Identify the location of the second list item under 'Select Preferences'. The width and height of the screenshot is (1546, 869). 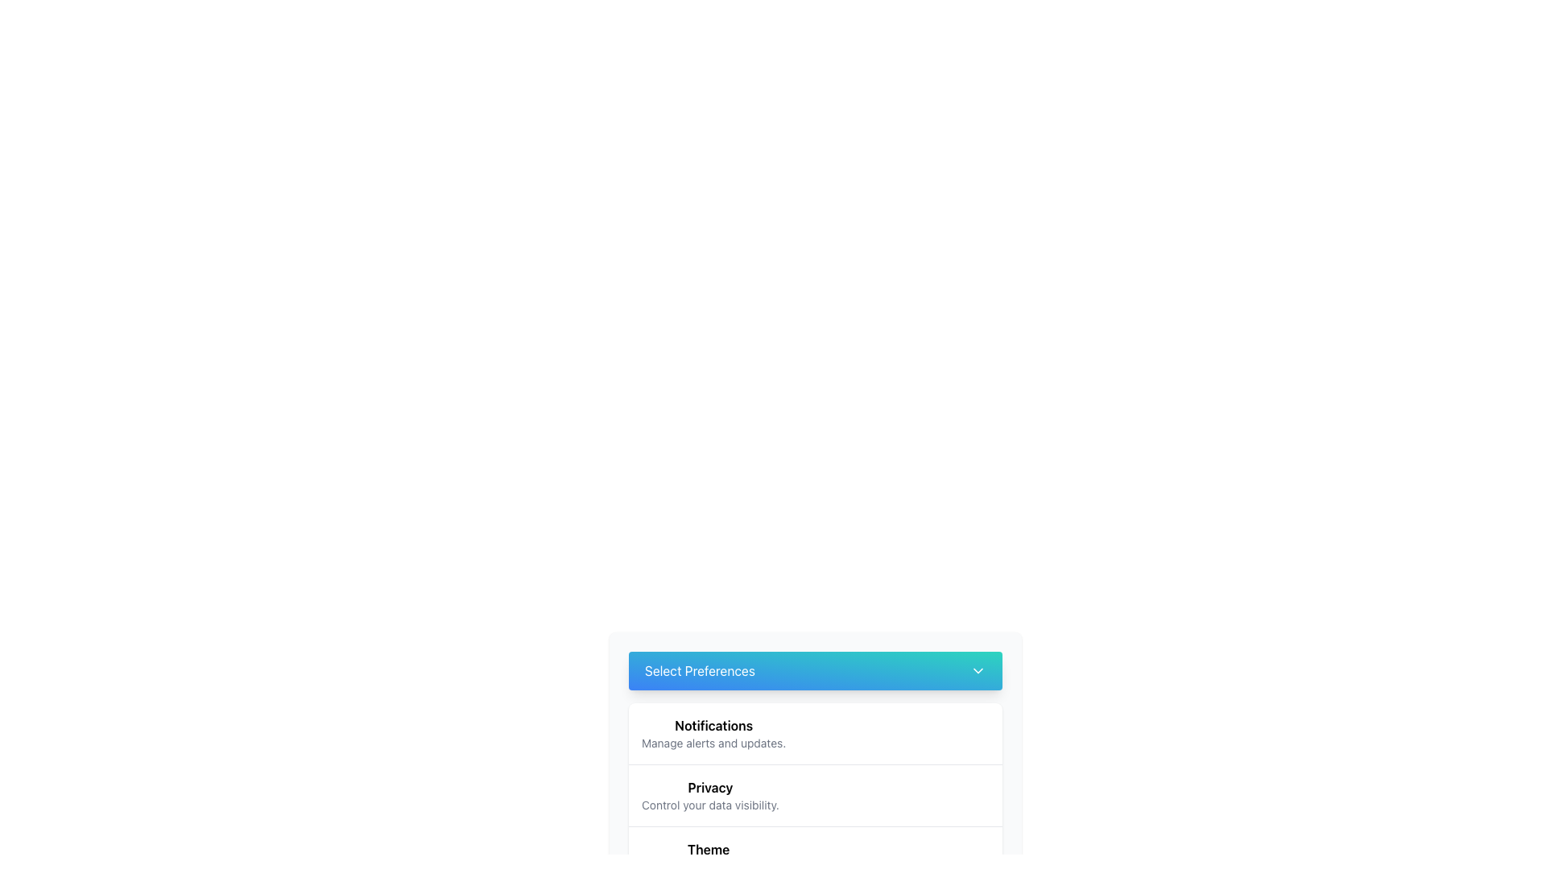
(815, 794).